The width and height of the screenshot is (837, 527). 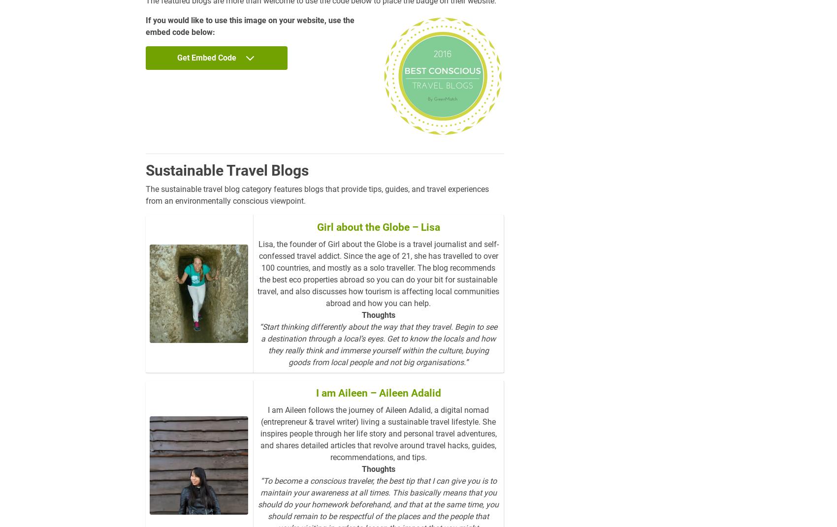 What do you see at coordinates (378, 274) in the screenshot?
I see `'Lisa, the founder of Girl about the Globe is a travel journalist and self-confessed travel addict. Since the age of 21, she has travelled to over 100 countries, and mostly as a solo traveller. The blog recommends the best eco properties abroad so you can do your bit for sustainable travel, and also discusses how tourism is affecting local communities abroad and how you can help.'` at bounding box center [378, 274].